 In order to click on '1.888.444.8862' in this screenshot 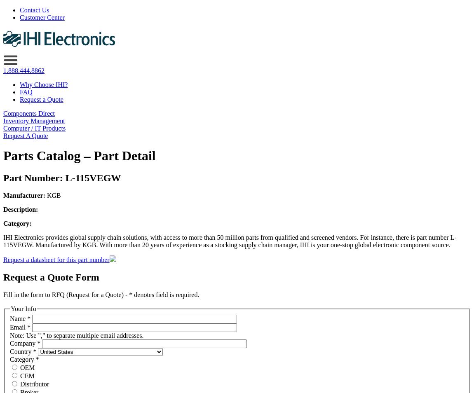, I will do `click(23, 70)`.